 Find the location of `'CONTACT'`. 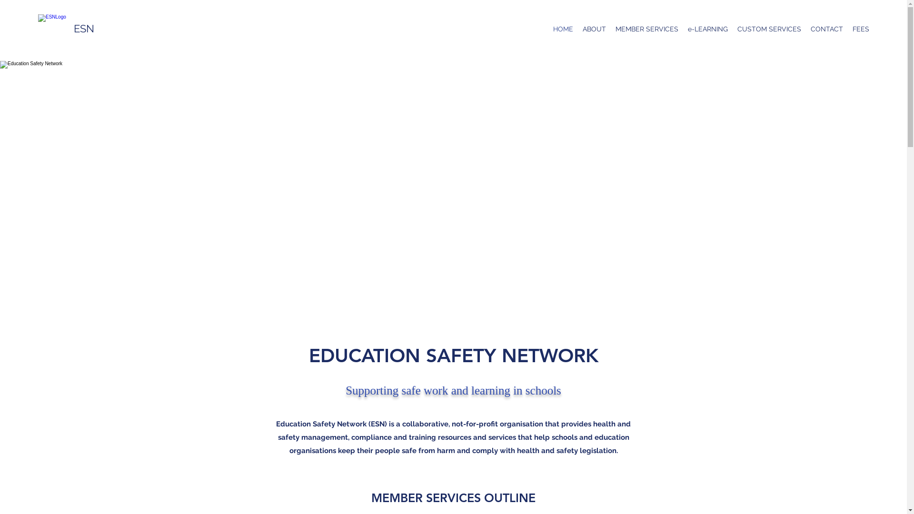

'CONTACT' is located at coordinates (826, 29).